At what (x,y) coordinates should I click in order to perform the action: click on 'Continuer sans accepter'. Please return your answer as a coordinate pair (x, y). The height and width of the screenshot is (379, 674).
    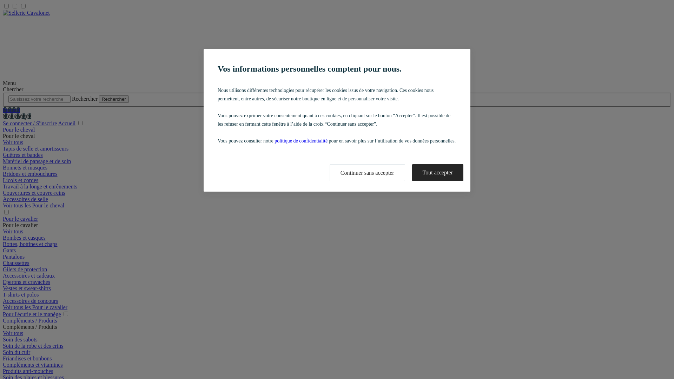
    Looking at the image, I should click on (329, 173).